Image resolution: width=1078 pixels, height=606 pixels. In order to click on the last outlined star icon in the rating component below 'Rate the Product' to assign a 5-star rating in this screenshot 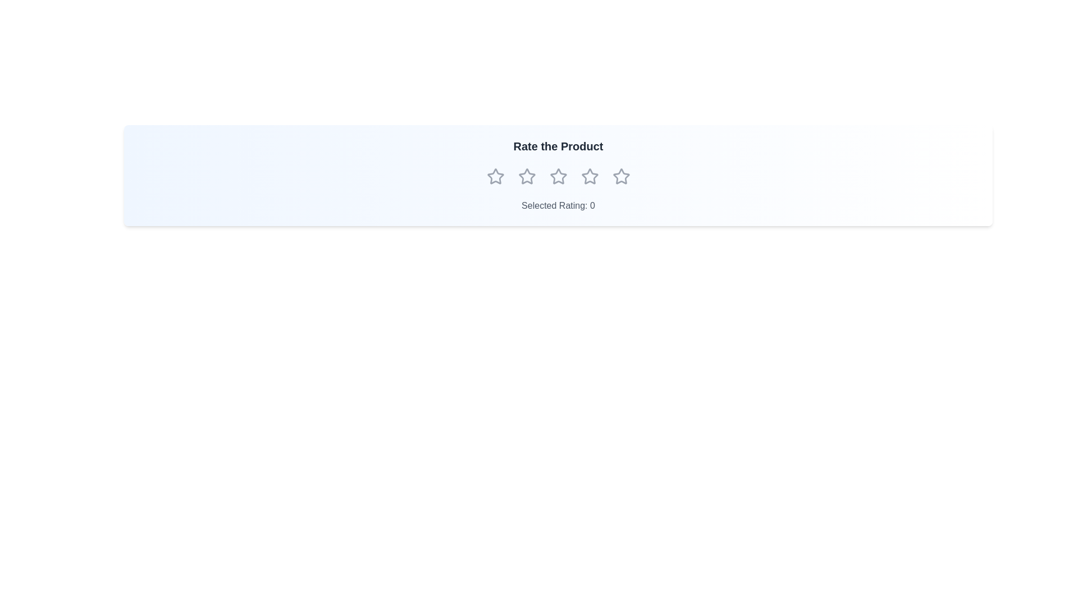, I will do `click(620, 177)`.